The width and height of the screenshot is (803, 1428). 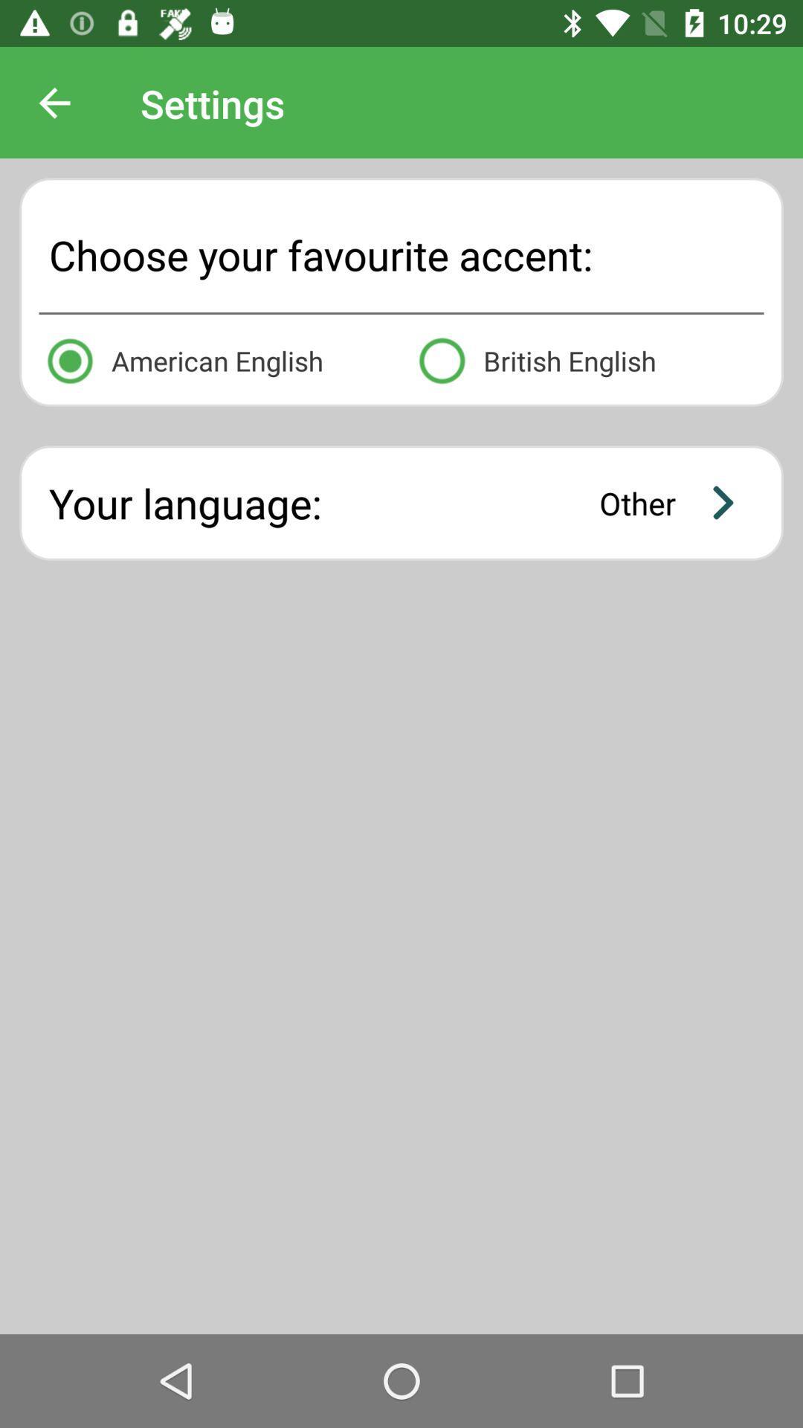 What do you see at coordinates (587, 358) in the screenshot?
I see `british english` at bounding box center [587, 358].